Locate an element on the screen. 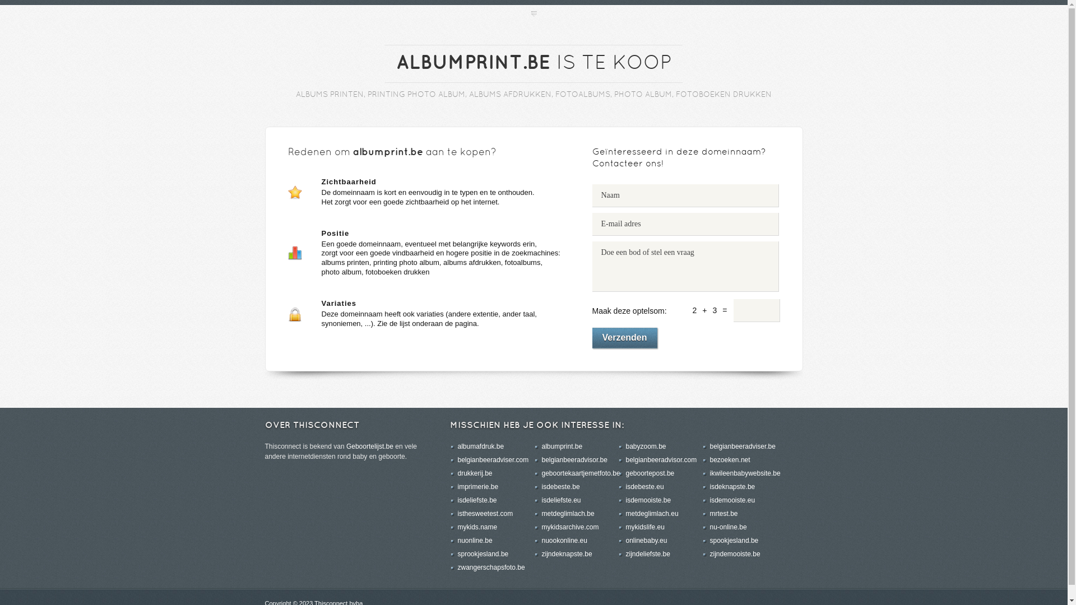 The height and width of the screenshot is (605, 1076). 'mykids.name' is located at coordinates (457, 527).